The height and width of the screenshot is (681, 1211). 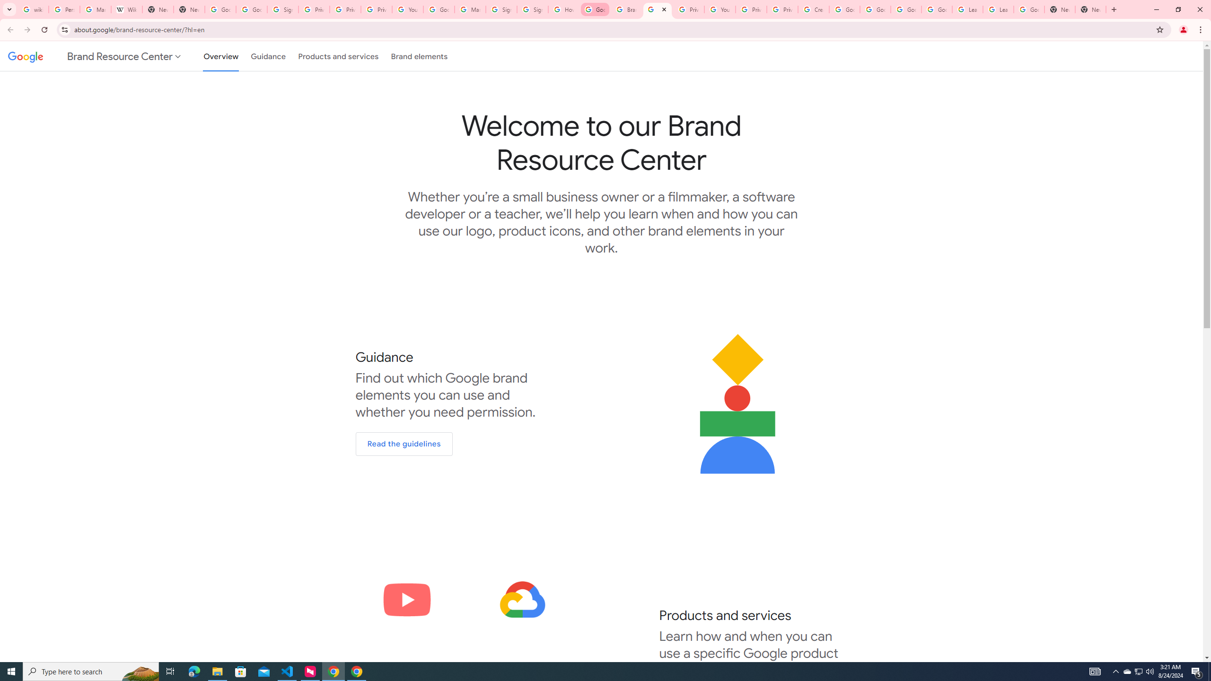 I want to click on 'Manage your Location History - Google Search Help', so click(x=94, y=9).